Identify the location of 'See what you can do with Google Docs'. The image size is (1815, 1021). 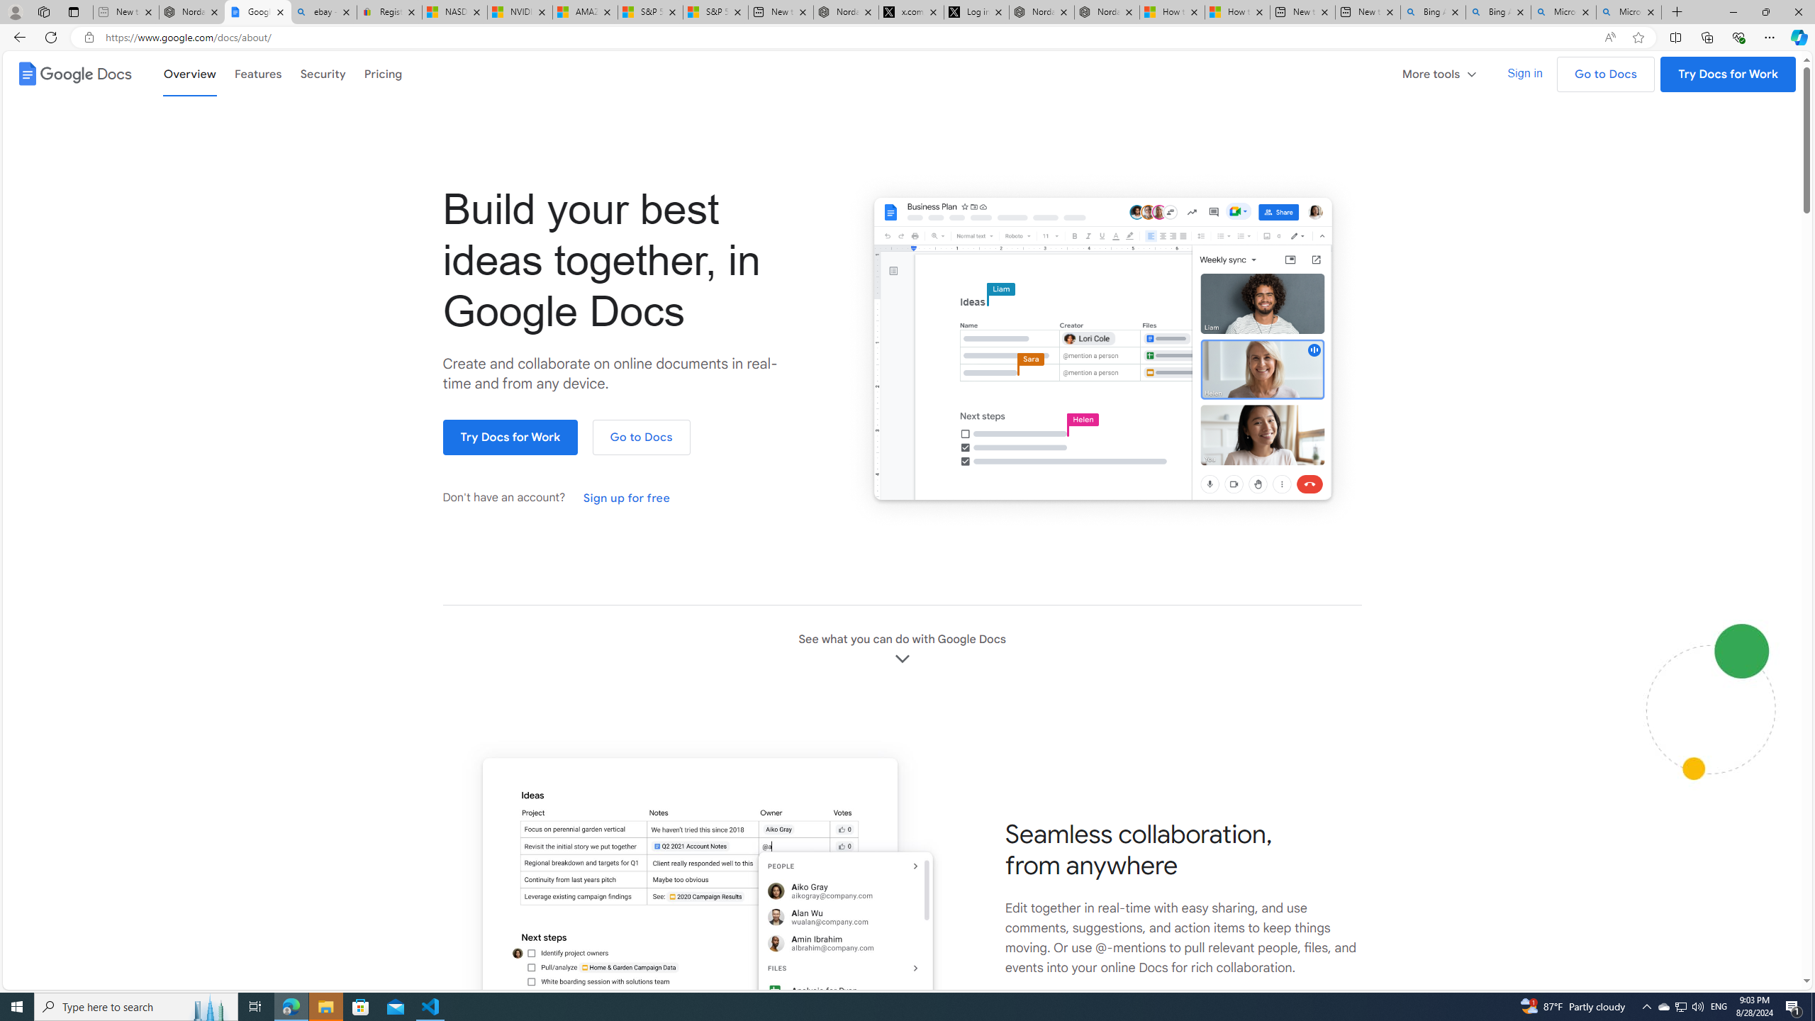
(901, 649).